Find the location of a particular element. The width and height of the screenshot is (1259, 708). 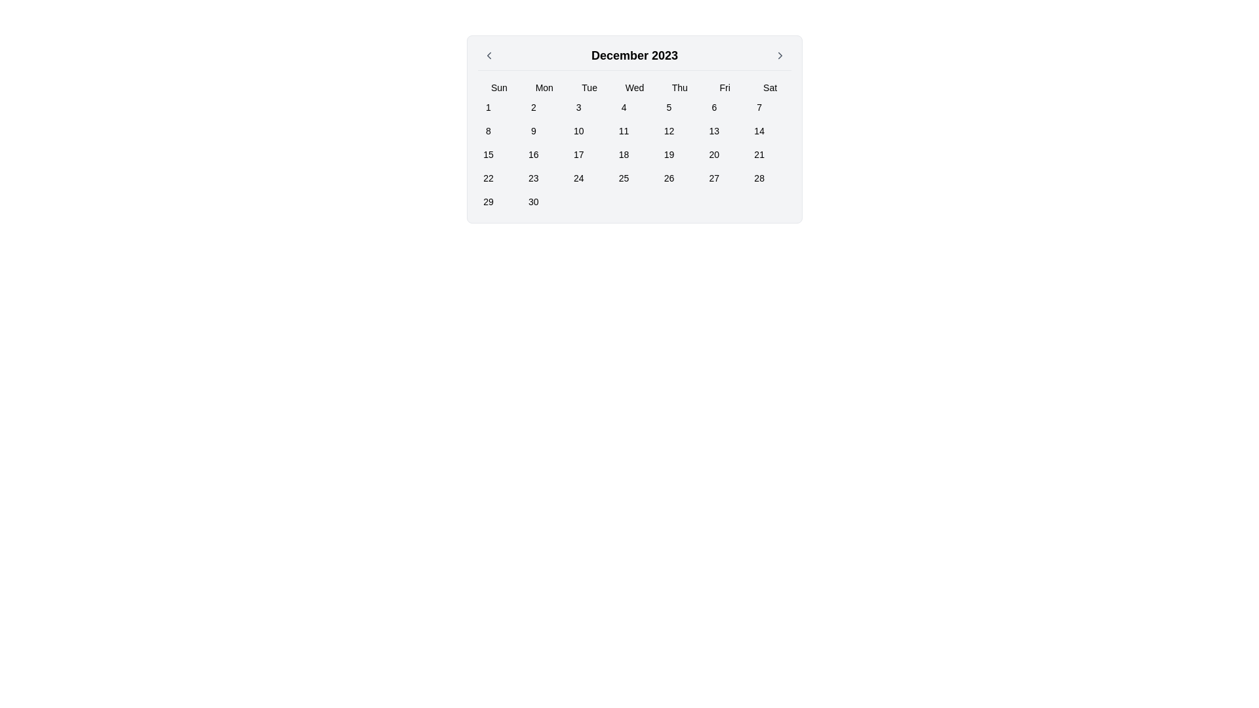

the square button displaying '30' located in the sixth column of the fifth row of the calendar grid is located at coordinates (533, 202).